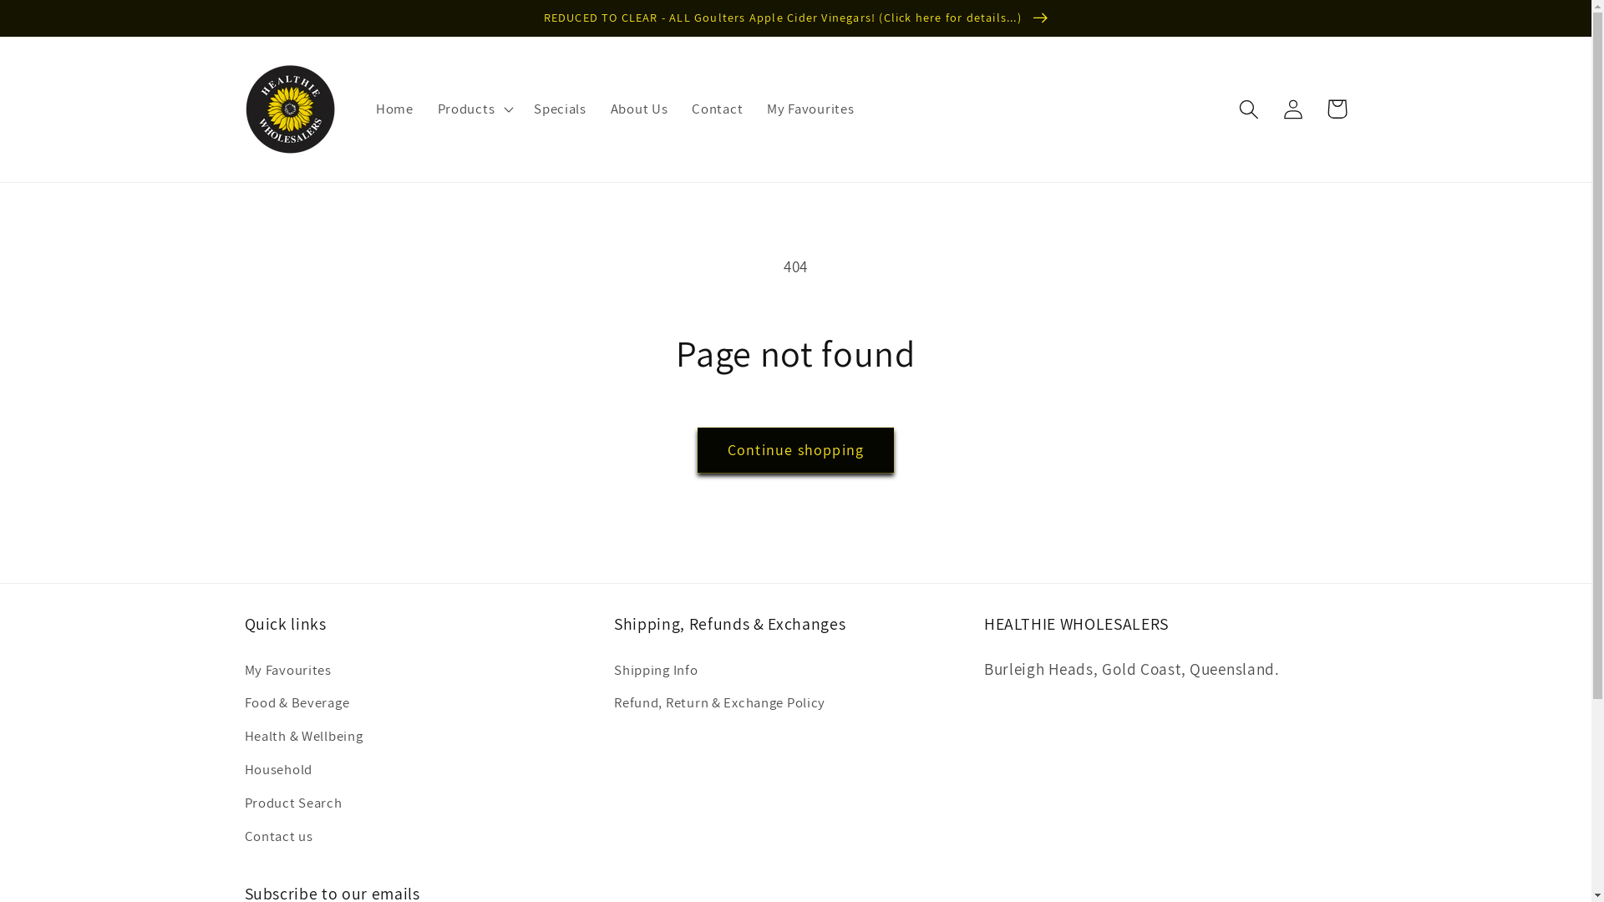  Describe the element at coordinates (1270, 109) in the screenshot. I see `'Log in'` at that location.